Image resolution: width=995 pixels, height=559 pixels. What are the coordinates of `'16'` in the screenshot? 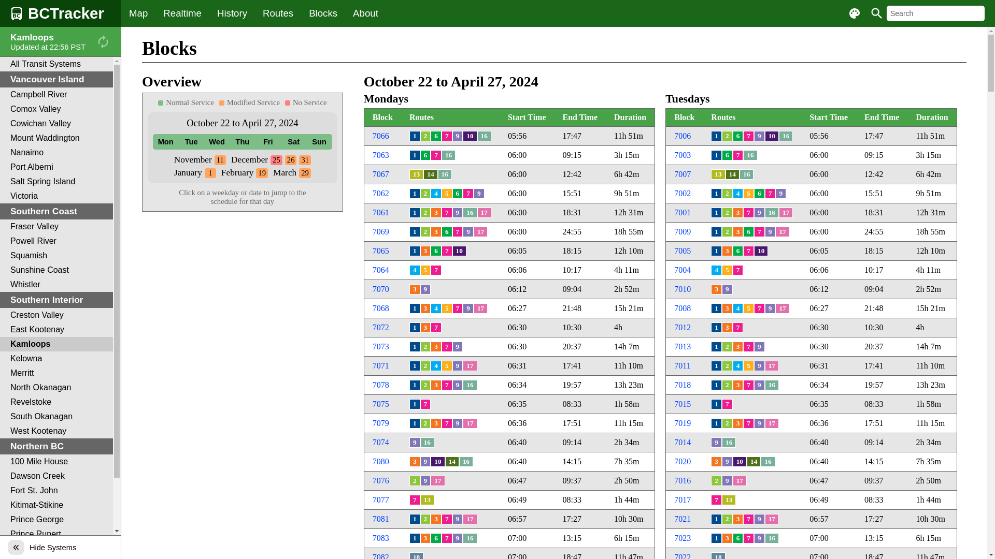 It's located at (469, 385).